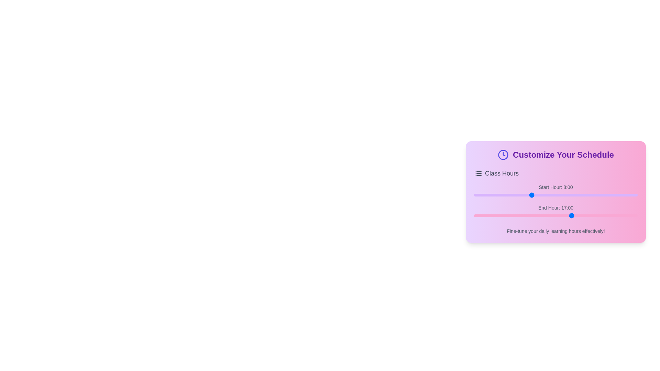  What do you see at coordinates (559, 195) in the screenshot?
I see `the slider to set the start hour to 12` at bounding box center [559, 195].